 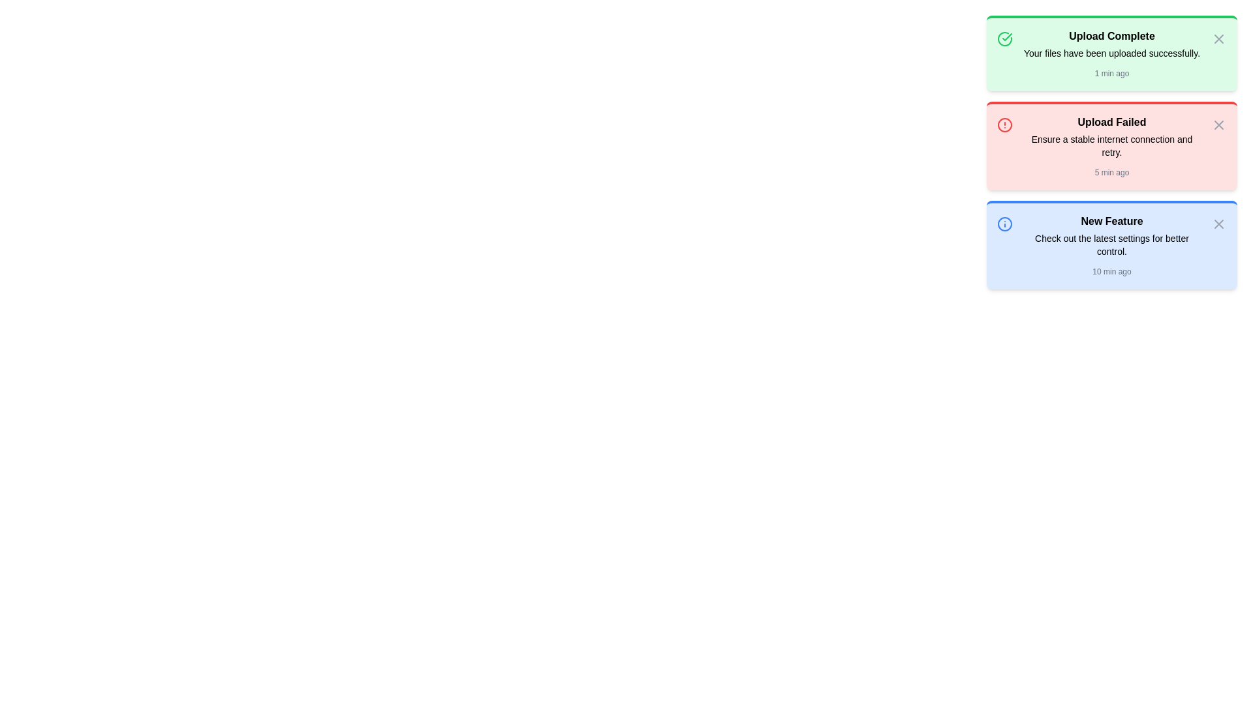 What do you see at coordinates (1111, 172) in the screenshot?
I see `timestamp from the text label located at the bottom of the 'Upload Failed' notification card, which provides the time indication of when the error message occurred` at bounding box center [1111, 172].